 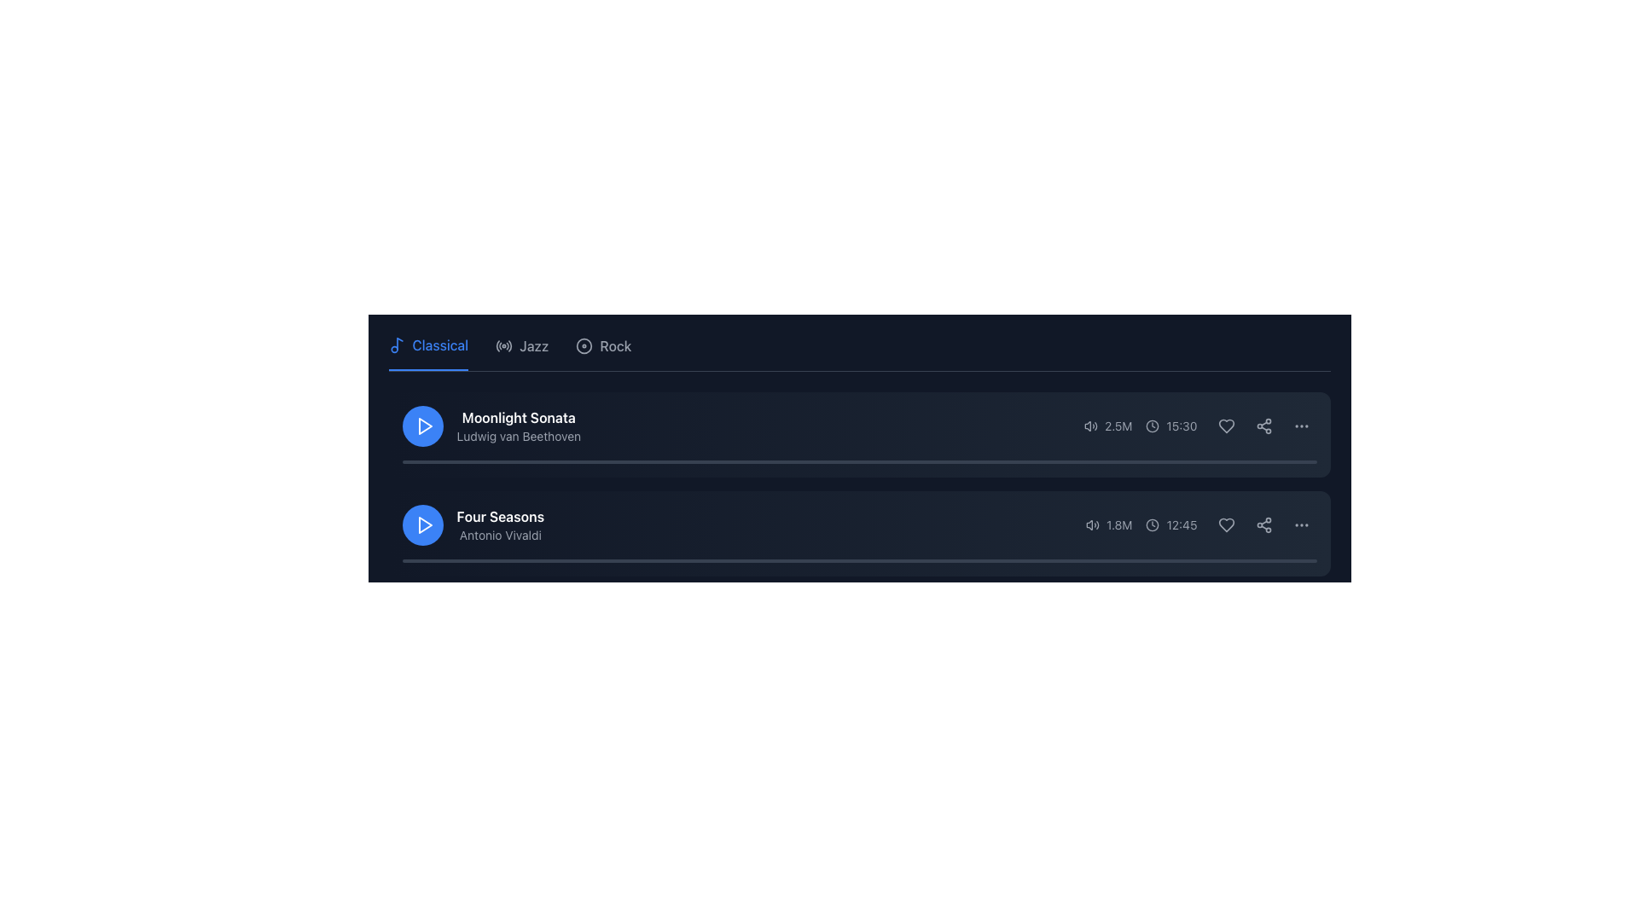 What do you see at coordinates (518, 417) in the screenshot?
I see `the text label that serves as the title for the music track, located above the descriptive text 'Ludwig van Beethoven'` at bounding box center [518, 417].